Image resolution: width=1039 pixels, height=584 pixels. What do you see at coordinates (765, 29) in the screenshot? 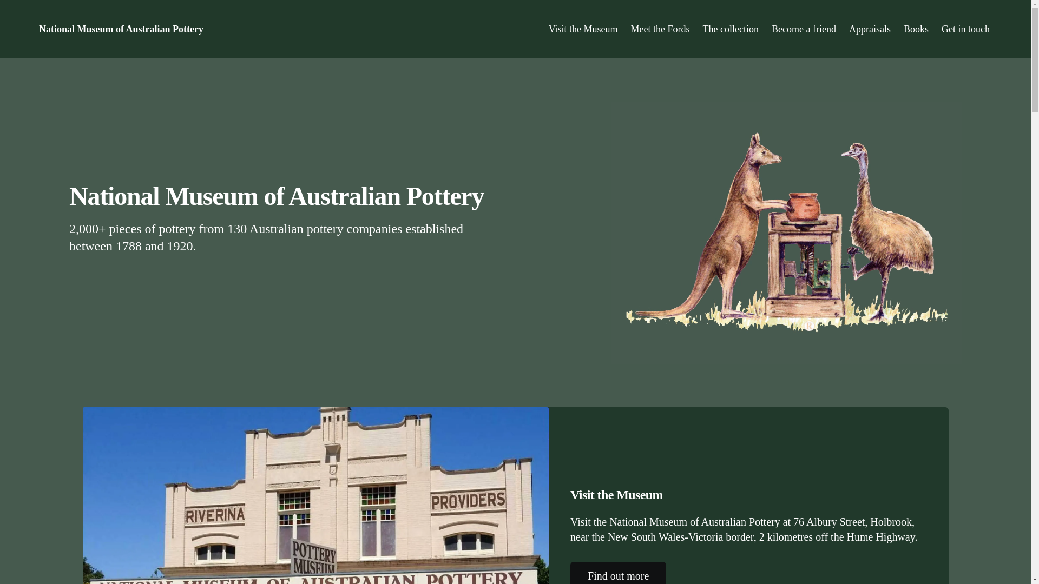
I see `'Become a friend'` at bounding box center [765, 29].